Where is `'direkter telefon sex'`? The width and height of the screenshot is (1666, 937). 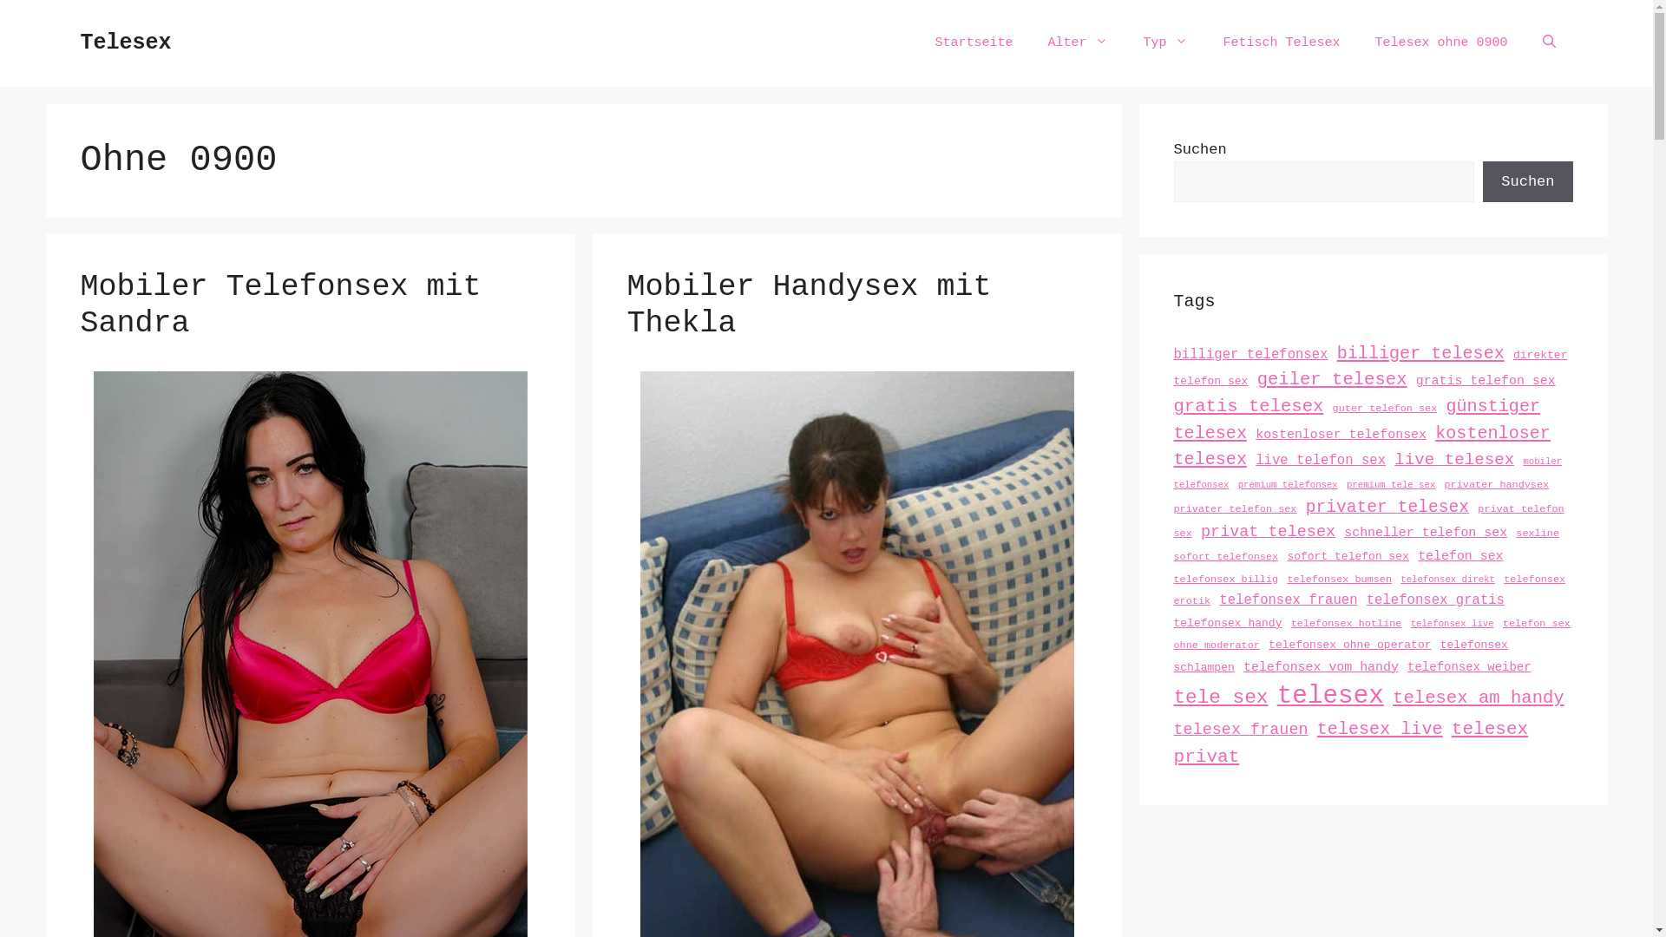 'direkter telefon sex' is located at coordinates (1369, 367).